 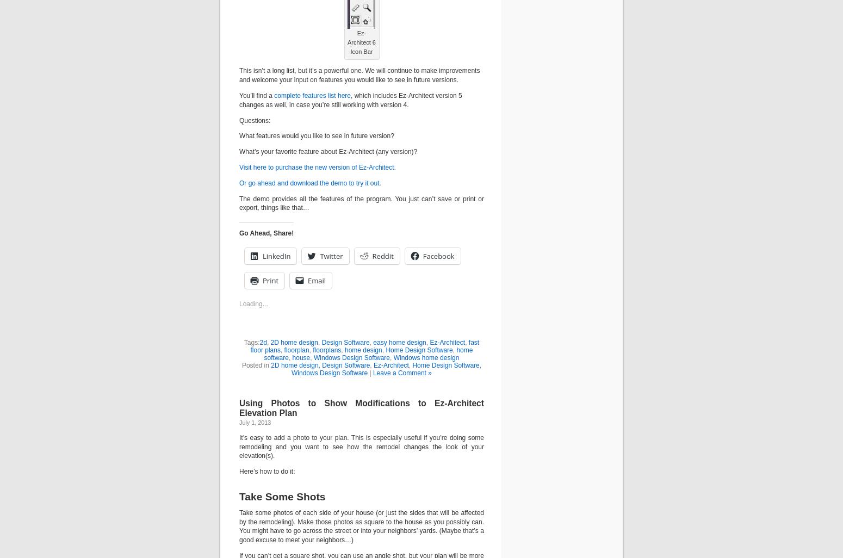 I want to click on 'What features would you like to see in future version?', so click(x=317, y=136).